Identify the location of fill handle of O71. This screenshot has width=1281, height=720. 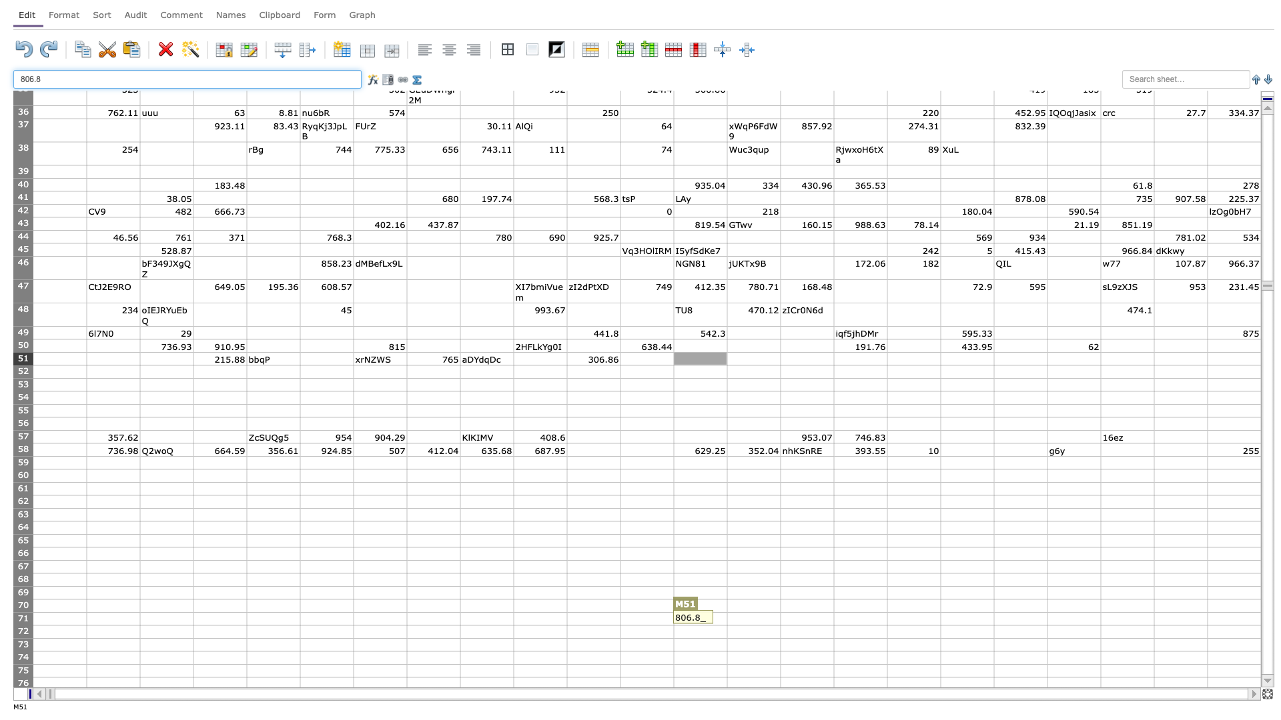
(833, 625).